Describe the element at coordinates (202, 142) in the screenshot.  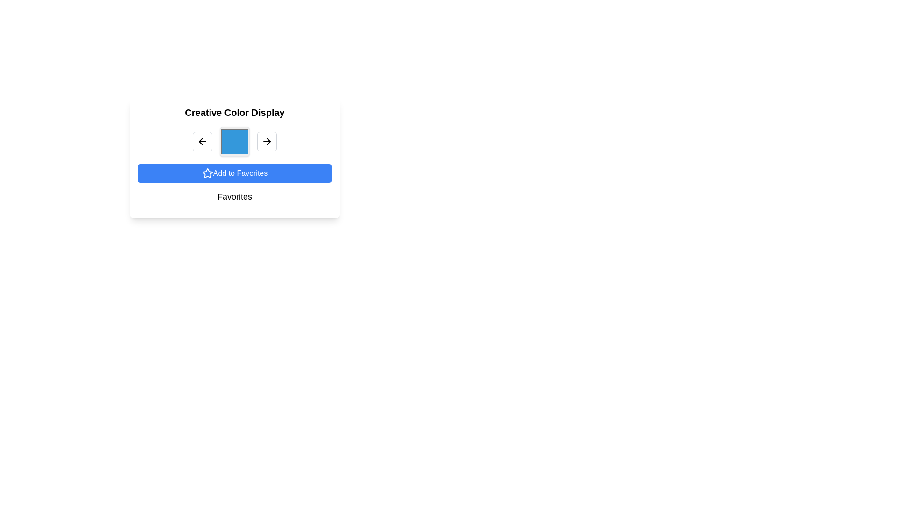
I see `the square button with a leftward-pointing arrow icon located to the far left of a horizontal row of interactive elements` at that location.